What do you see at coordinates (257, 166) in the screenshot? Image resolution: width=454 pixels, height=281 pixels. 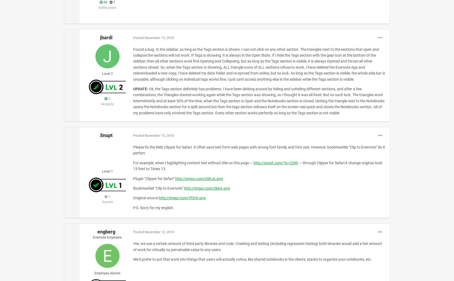 I see `'— through Clipper for Safari it change original Arial 13 font to Times 13.'` at bounding box center [257, 166].